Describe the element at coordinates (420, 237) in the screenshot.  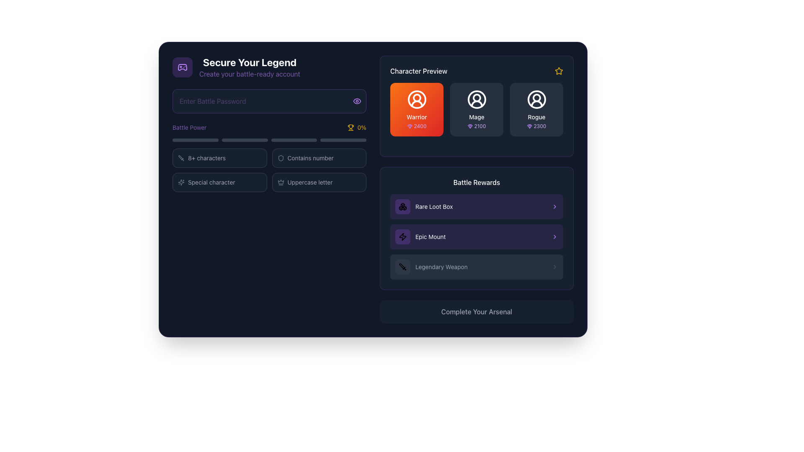
I see `the 'Epic Mount' list item, which is the second item in the battle rewards list and features a purple rounded rectangle with a lightning bolt icon` at that location.